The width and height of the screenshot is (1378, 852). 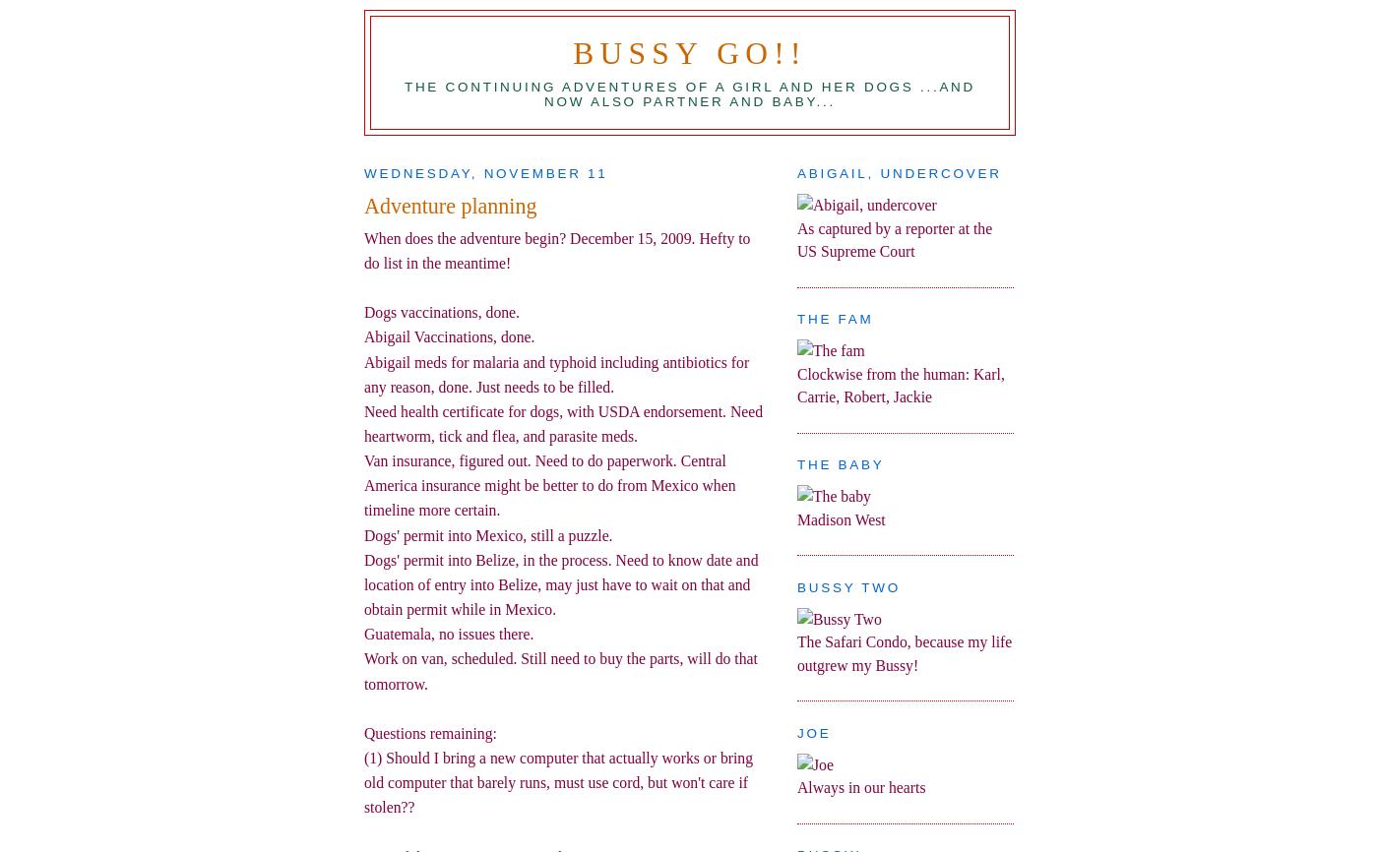 I want to click on '(1) Should I bring a new computer that actually works or bring old computer that barely runs, must use cord, but won't care if stolen??', so click(x=558, y=781).